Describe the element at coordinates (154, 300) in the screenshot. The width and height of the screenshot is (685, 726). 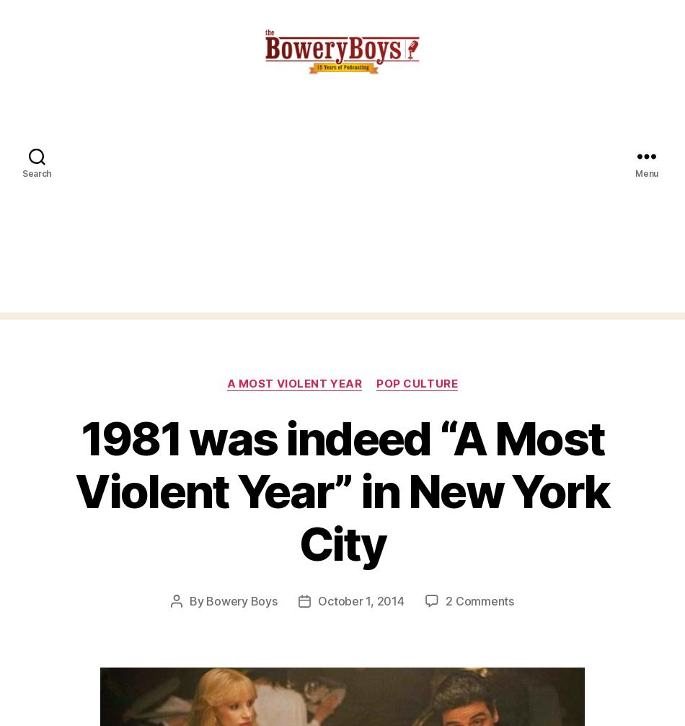
I see `'Website'` at that location.